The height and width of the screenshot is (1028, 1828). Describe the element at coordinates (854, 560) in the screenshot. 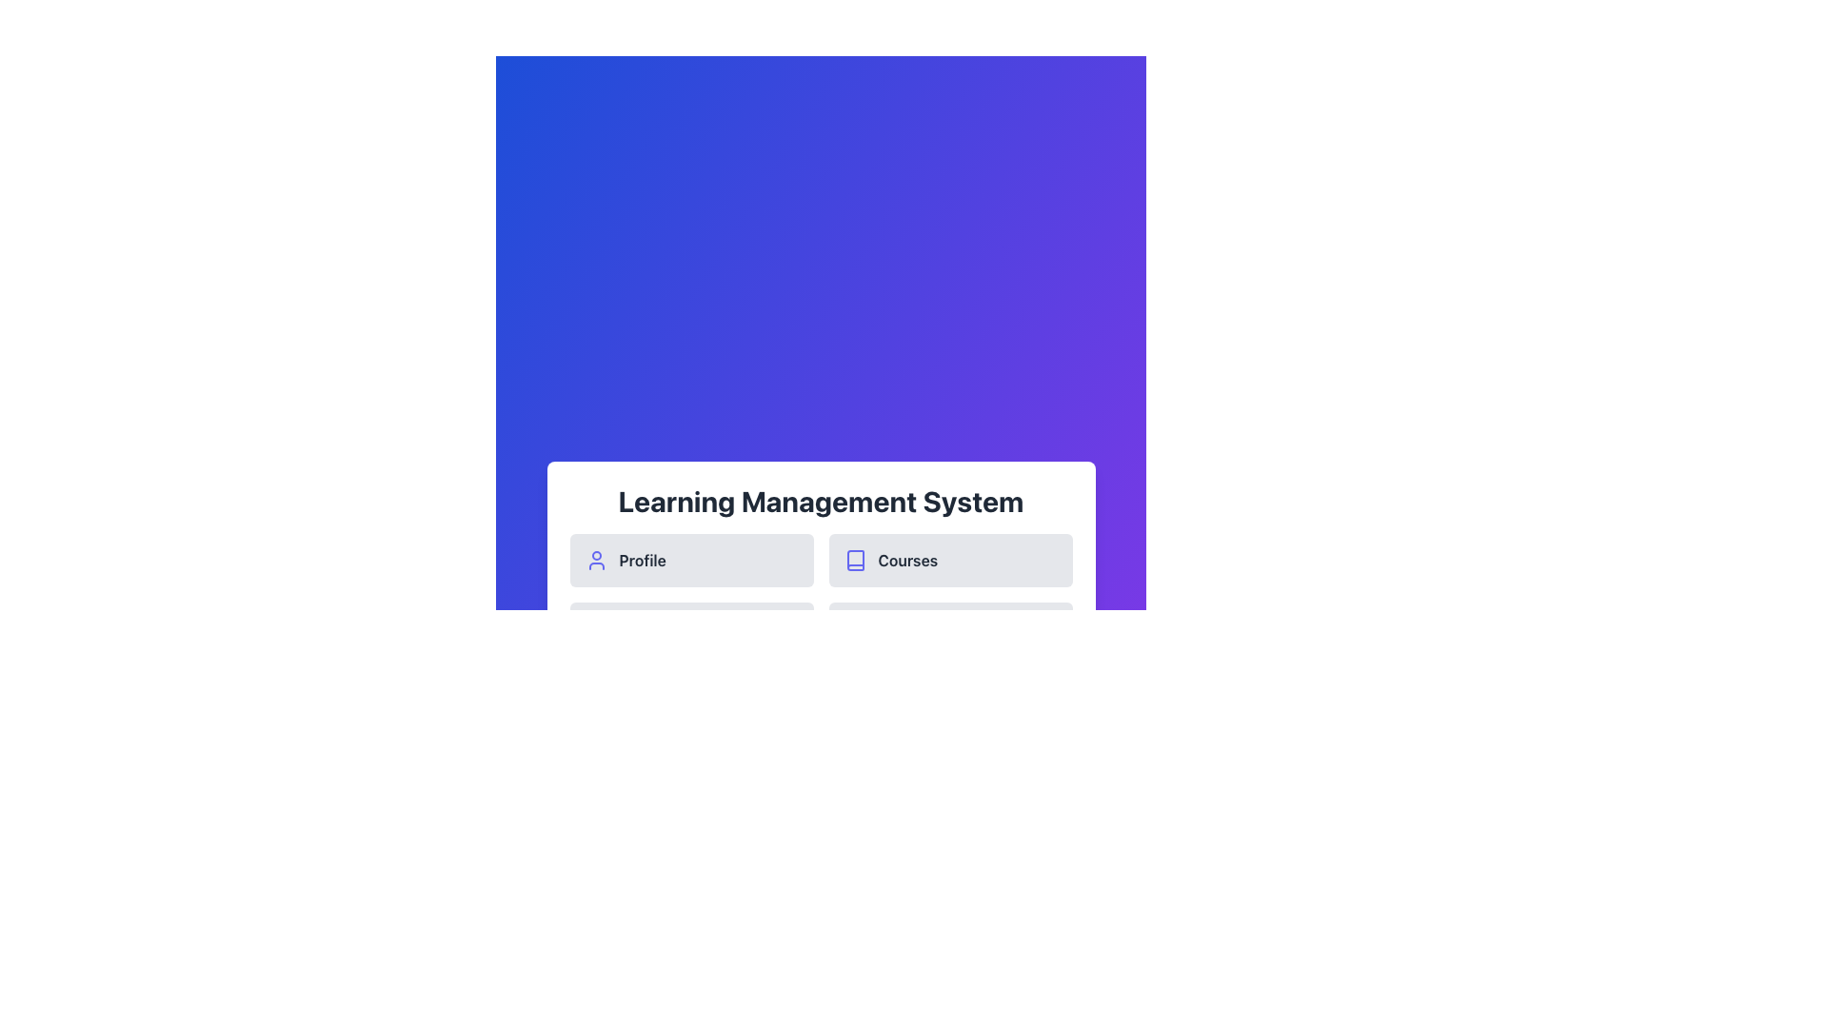

I see `the 'Courses' icon located in the lower section of the interface, positioned to the left of its text label` at that location.